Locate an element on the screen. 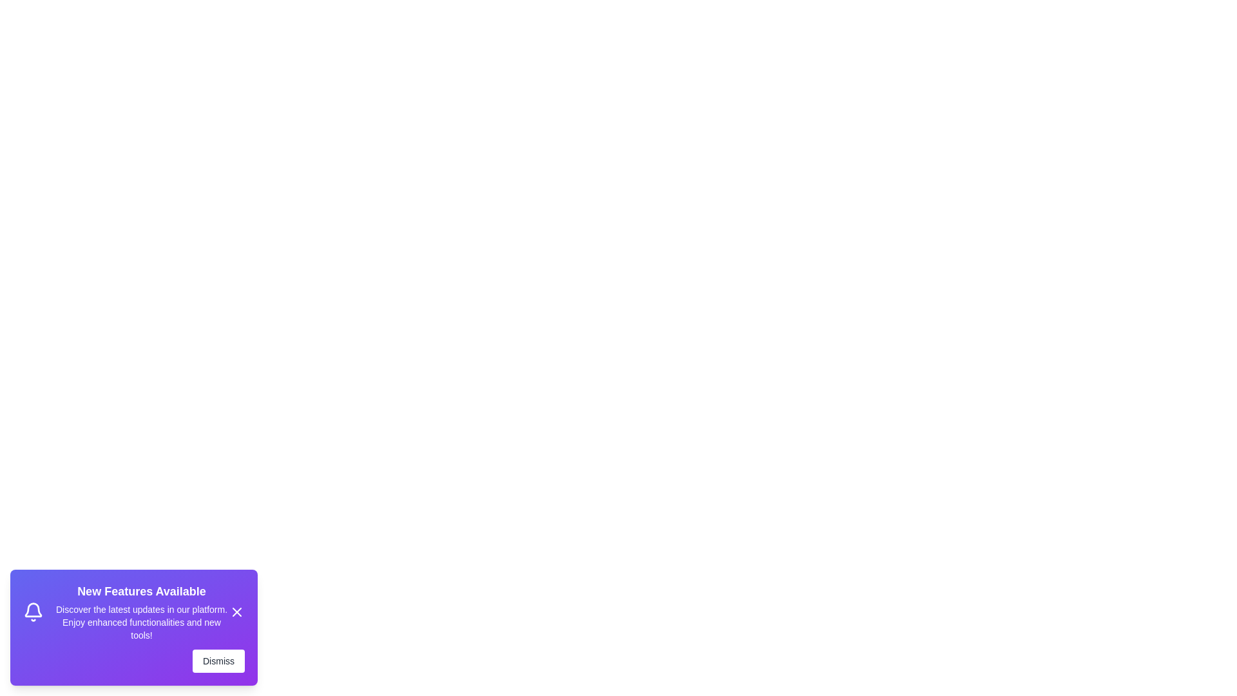  the close button of the snackbar to dismiss it is located at coordinates (237, 611).